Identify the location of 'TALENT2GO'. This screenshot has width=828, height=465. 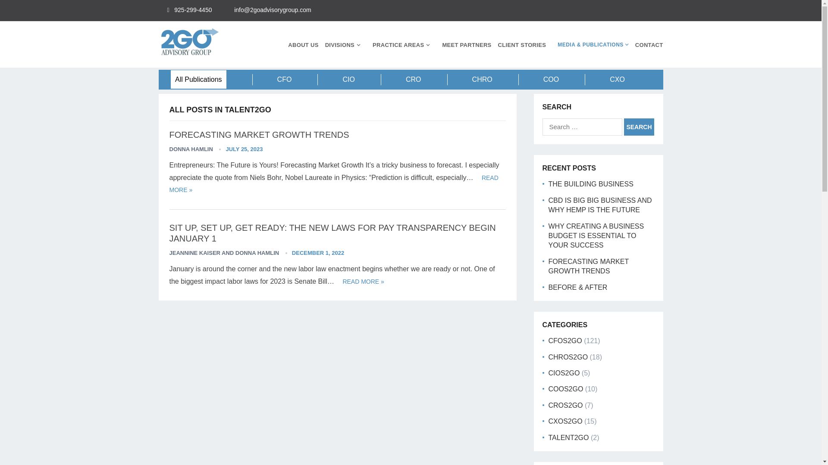
(569, 437).